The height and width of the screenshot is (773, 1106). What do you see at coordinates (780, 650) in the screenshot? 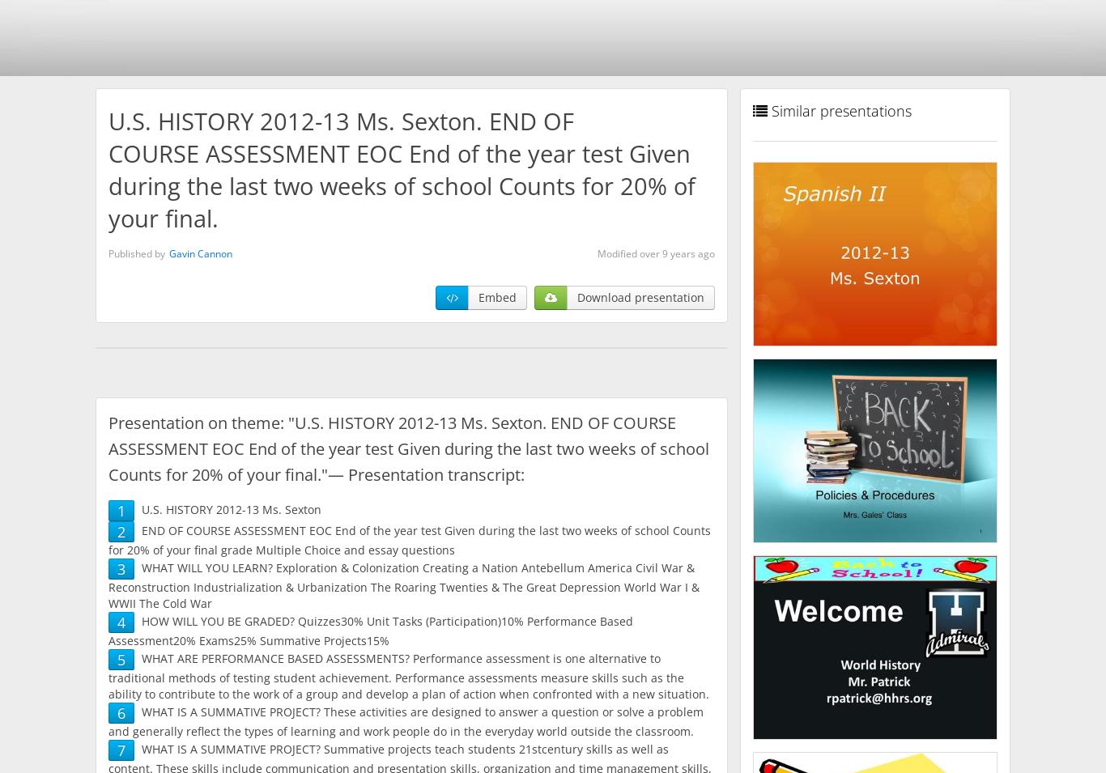
I see `'Welcome World History Mr. Patrick'` at bounding box center [780, 650].